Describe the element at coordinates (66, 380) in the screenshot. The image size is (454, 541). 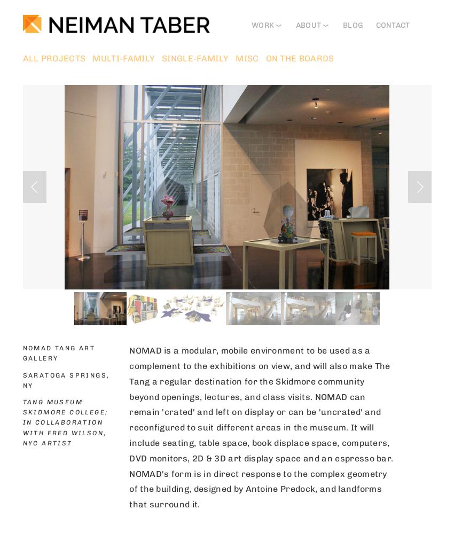
I see `'Saratoga Springs, NY'` at that location.